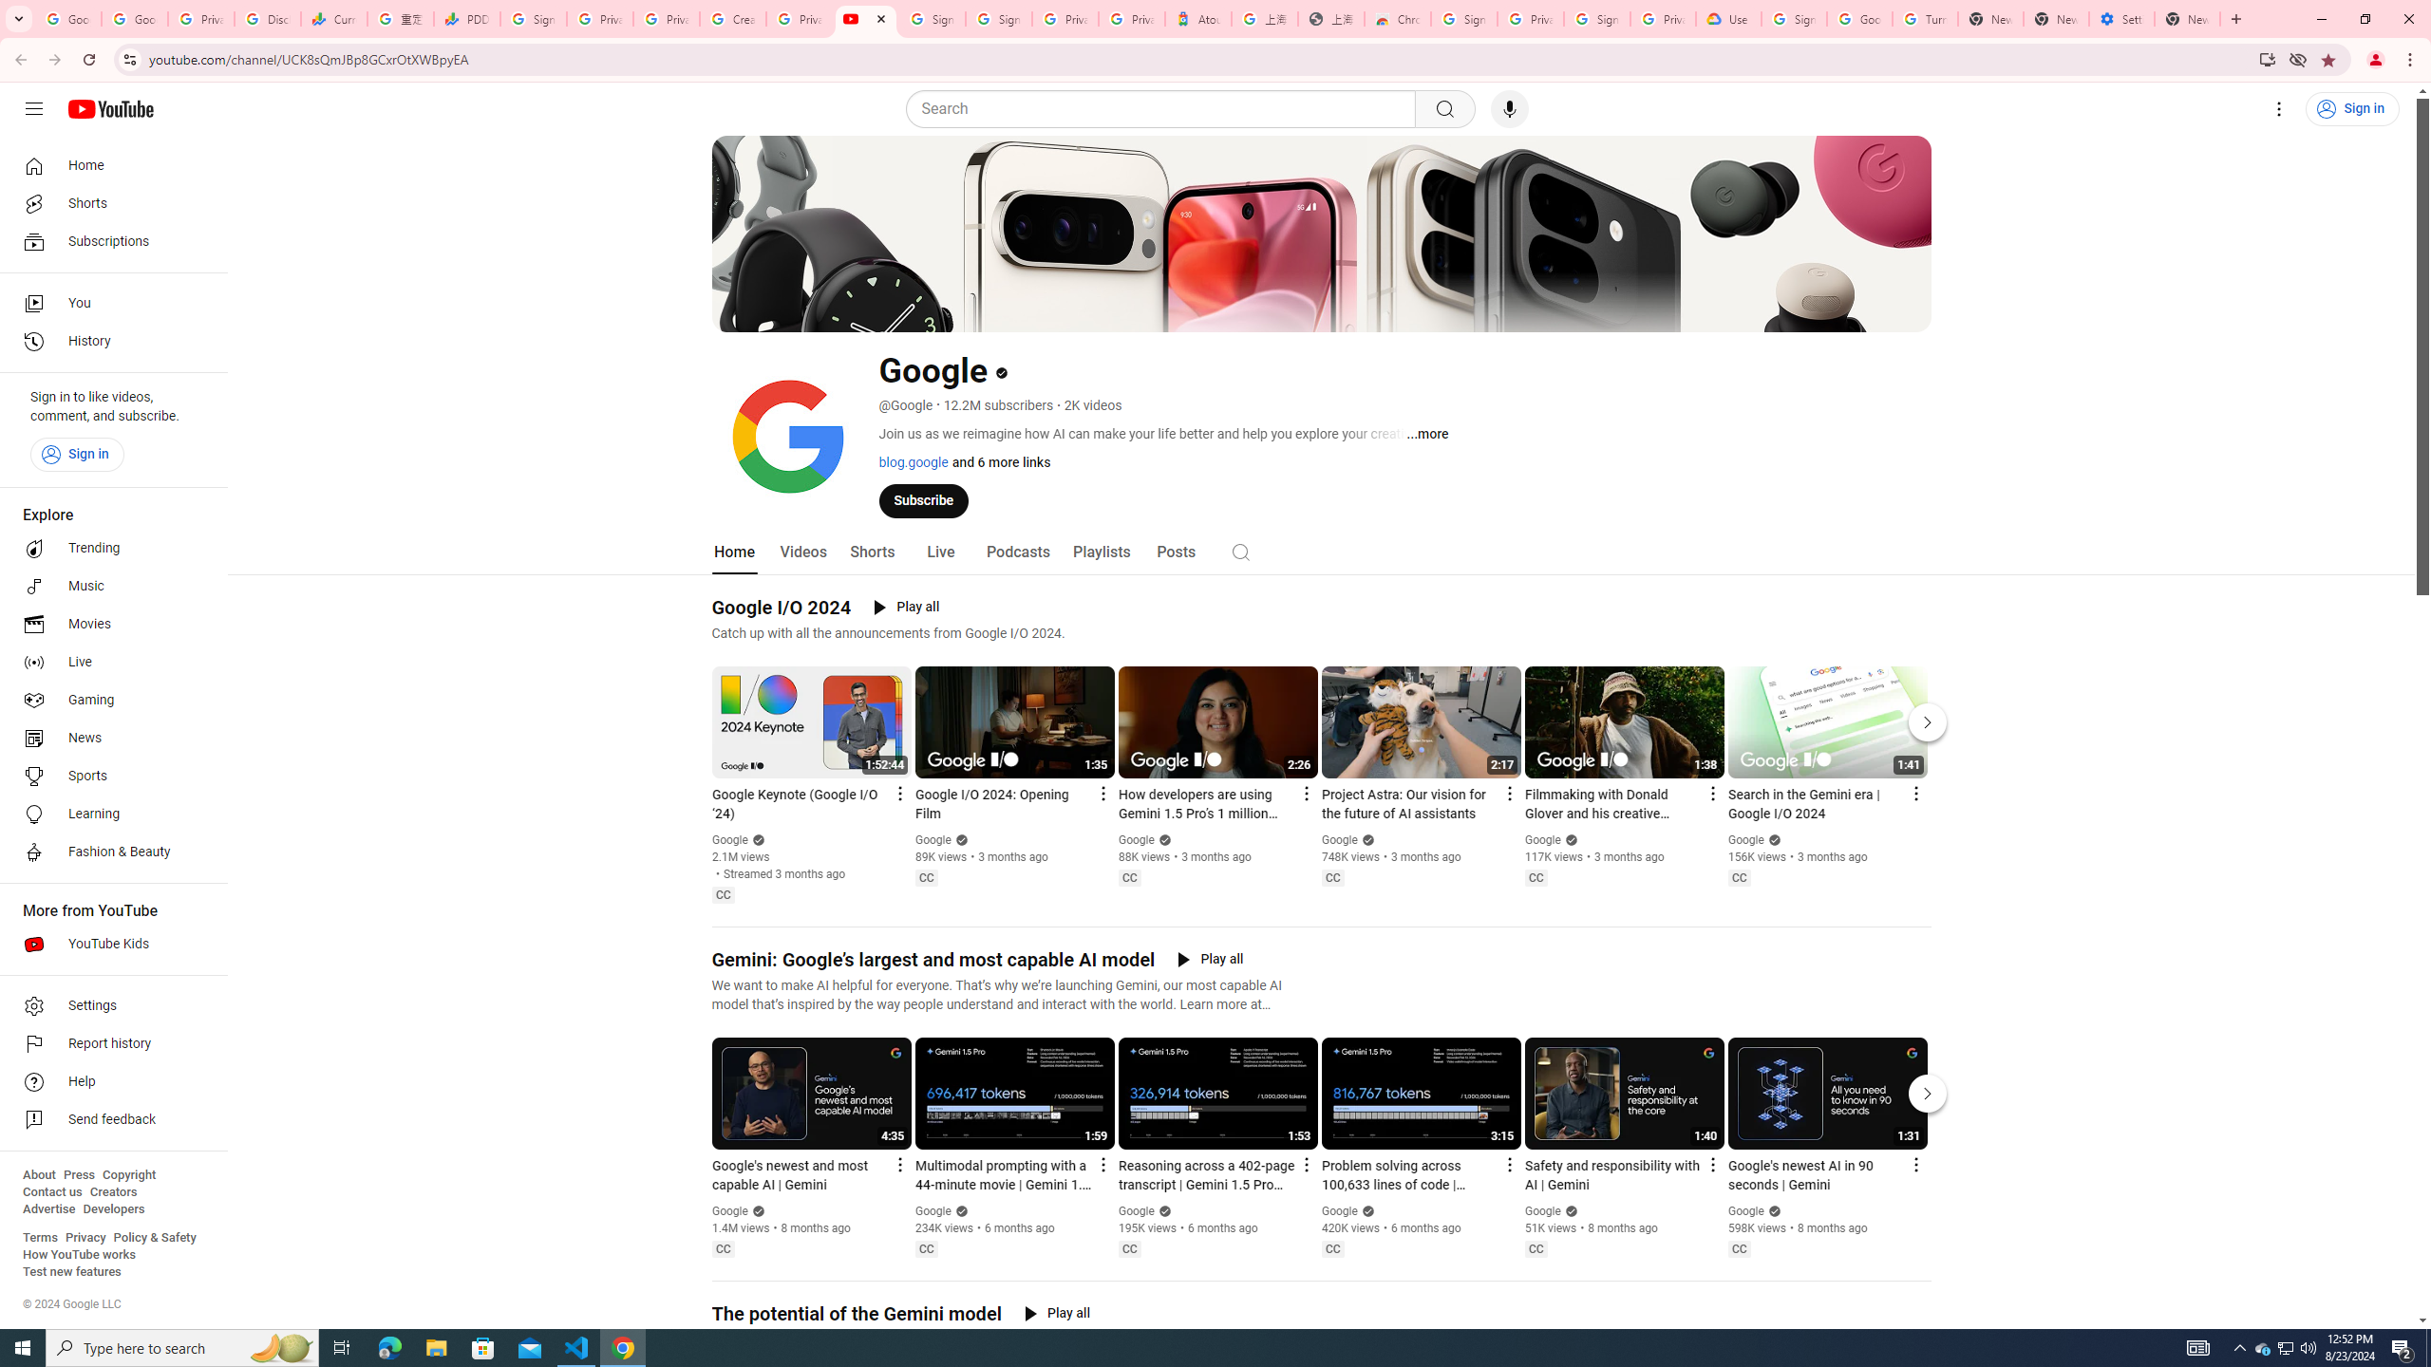  What do you see at coordinates (107, 1004) in the screenshot?
I see `'Settings'` at bounding box center [107, 1004].